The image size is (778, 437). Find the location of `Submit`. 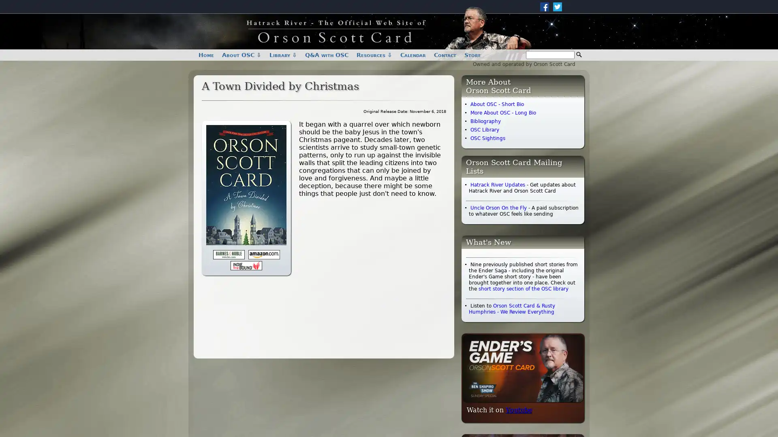

Submit is located at coordinates (579, 55).